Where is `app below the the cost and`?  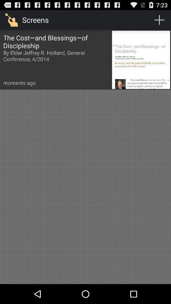 app below the the cost and is located at coordinates (19, 82).